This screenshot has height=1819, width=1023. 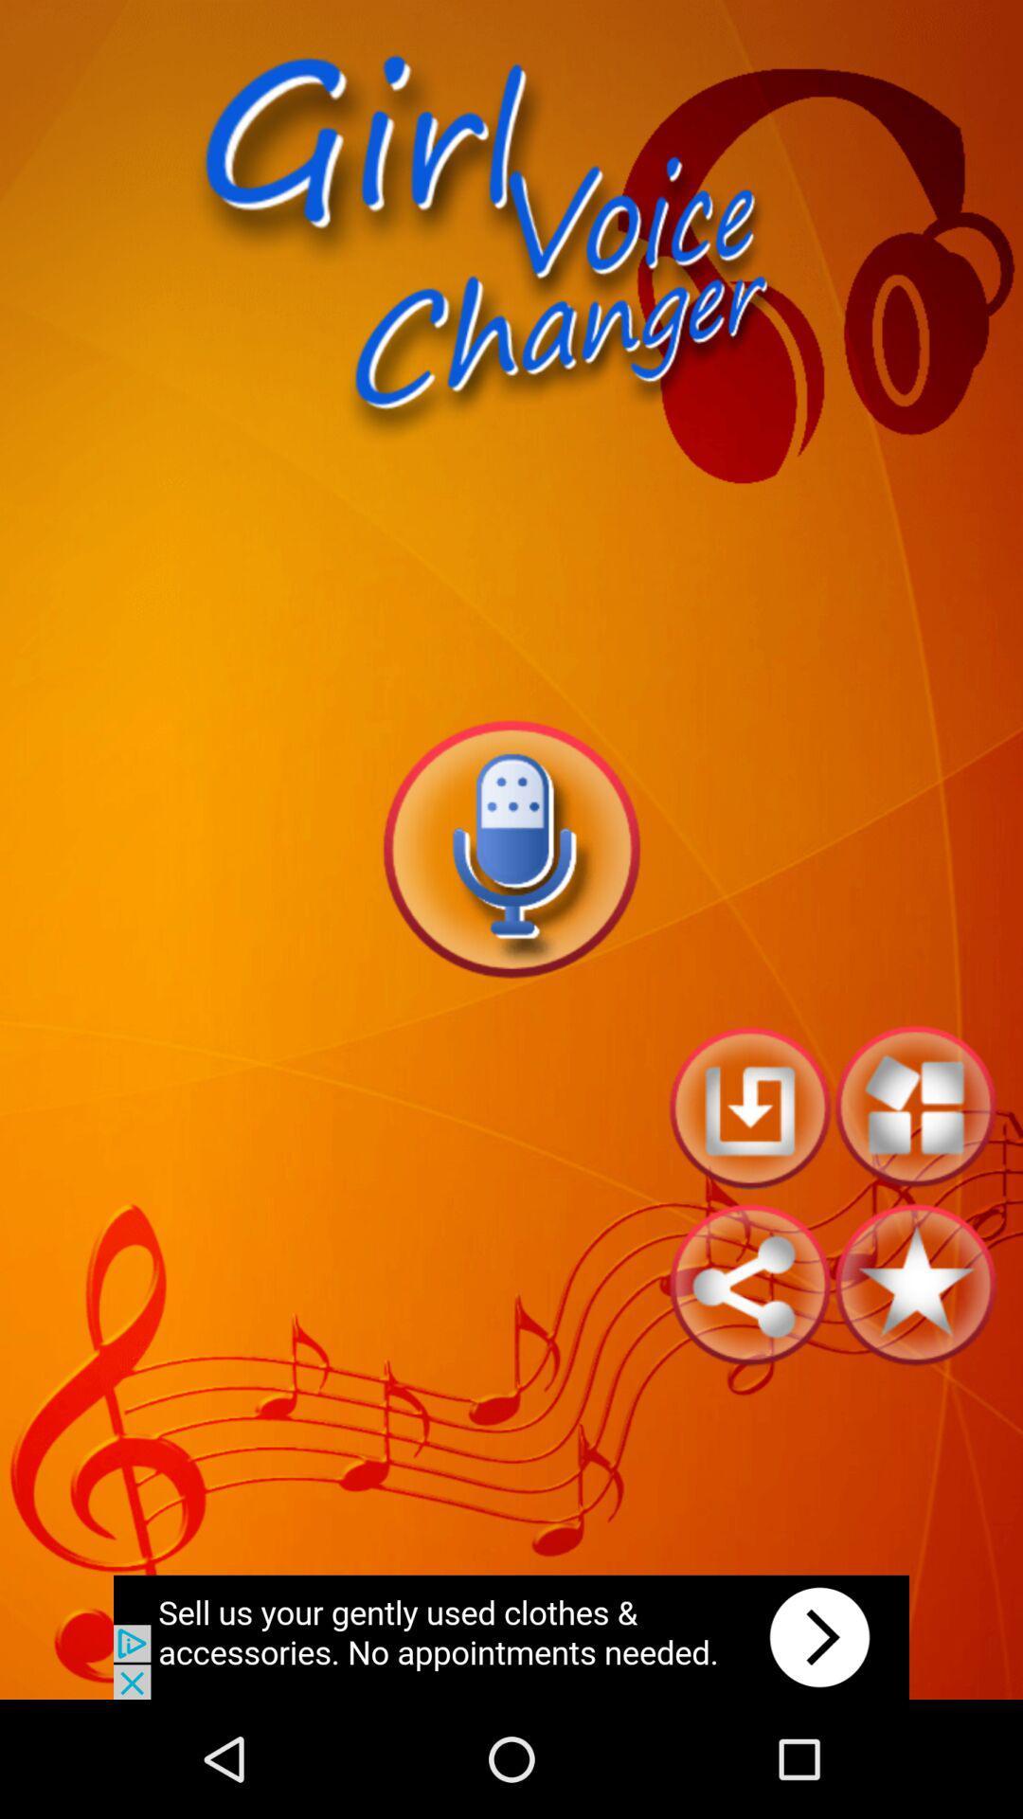 What do you see at coordinates (748, 1285) in the screenshot?
I see `sync` at bounding box center [748, 1285].